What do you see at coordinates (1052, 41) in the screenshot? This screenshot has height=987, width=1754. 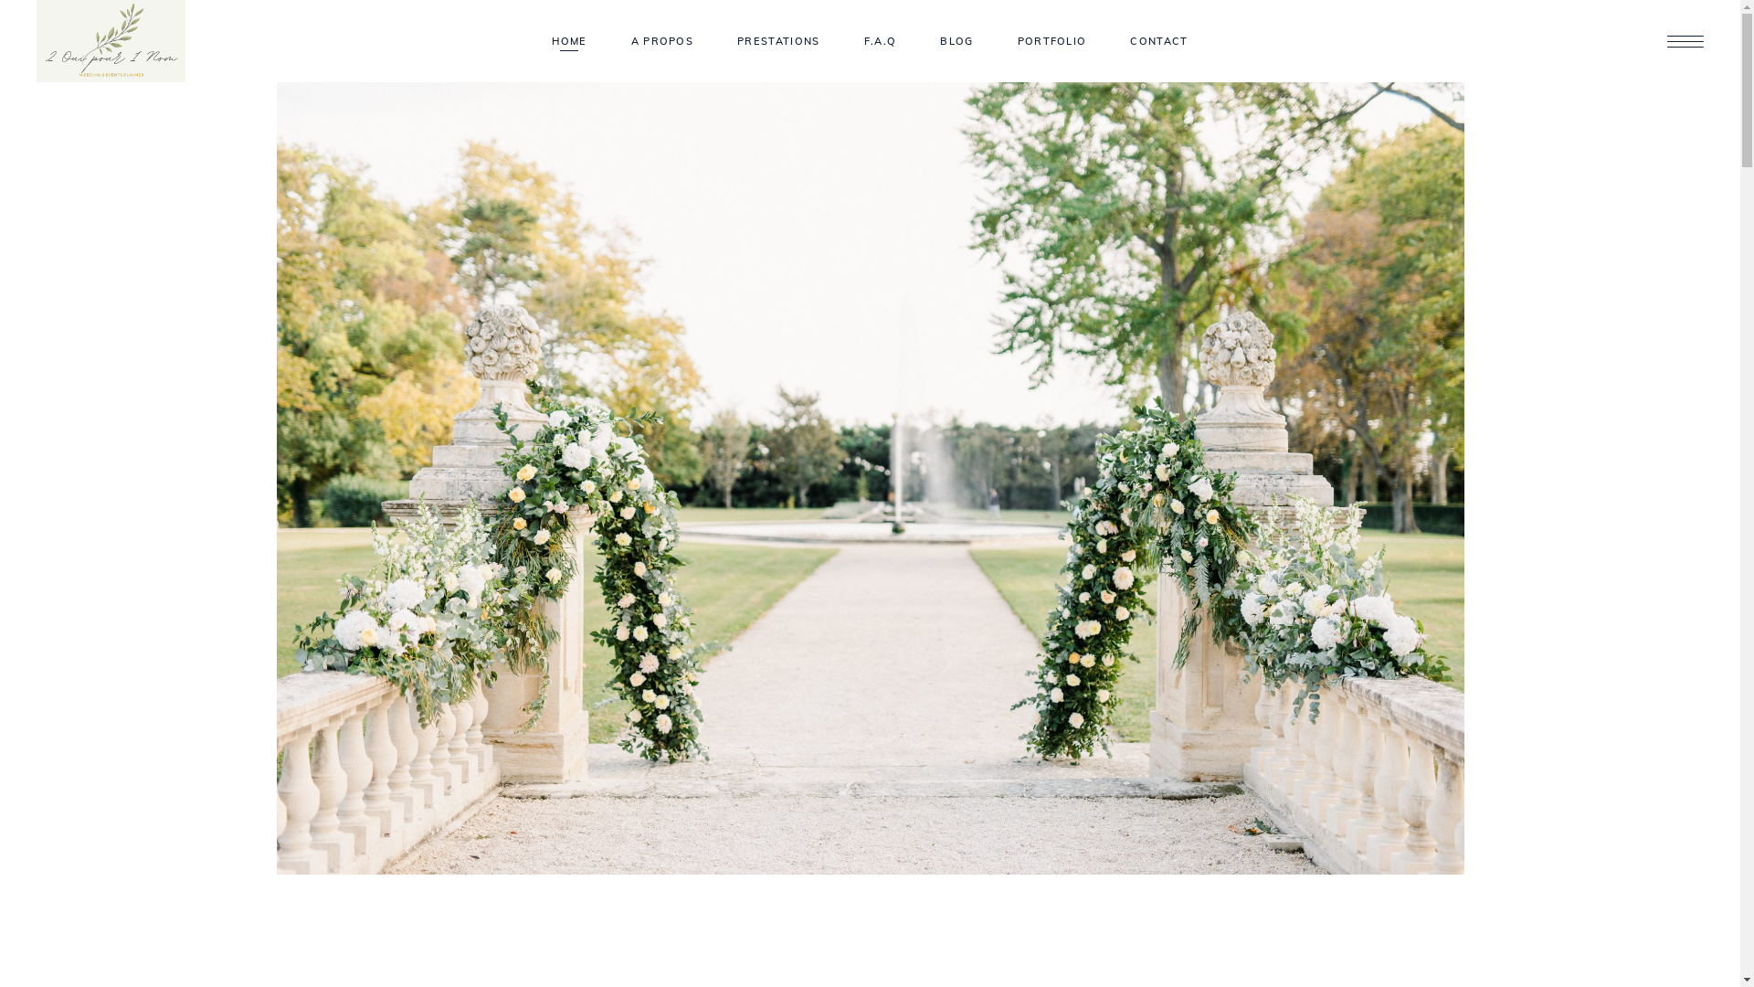 I see `'PORTFOLIO'` at bounding box center [1052, 41].